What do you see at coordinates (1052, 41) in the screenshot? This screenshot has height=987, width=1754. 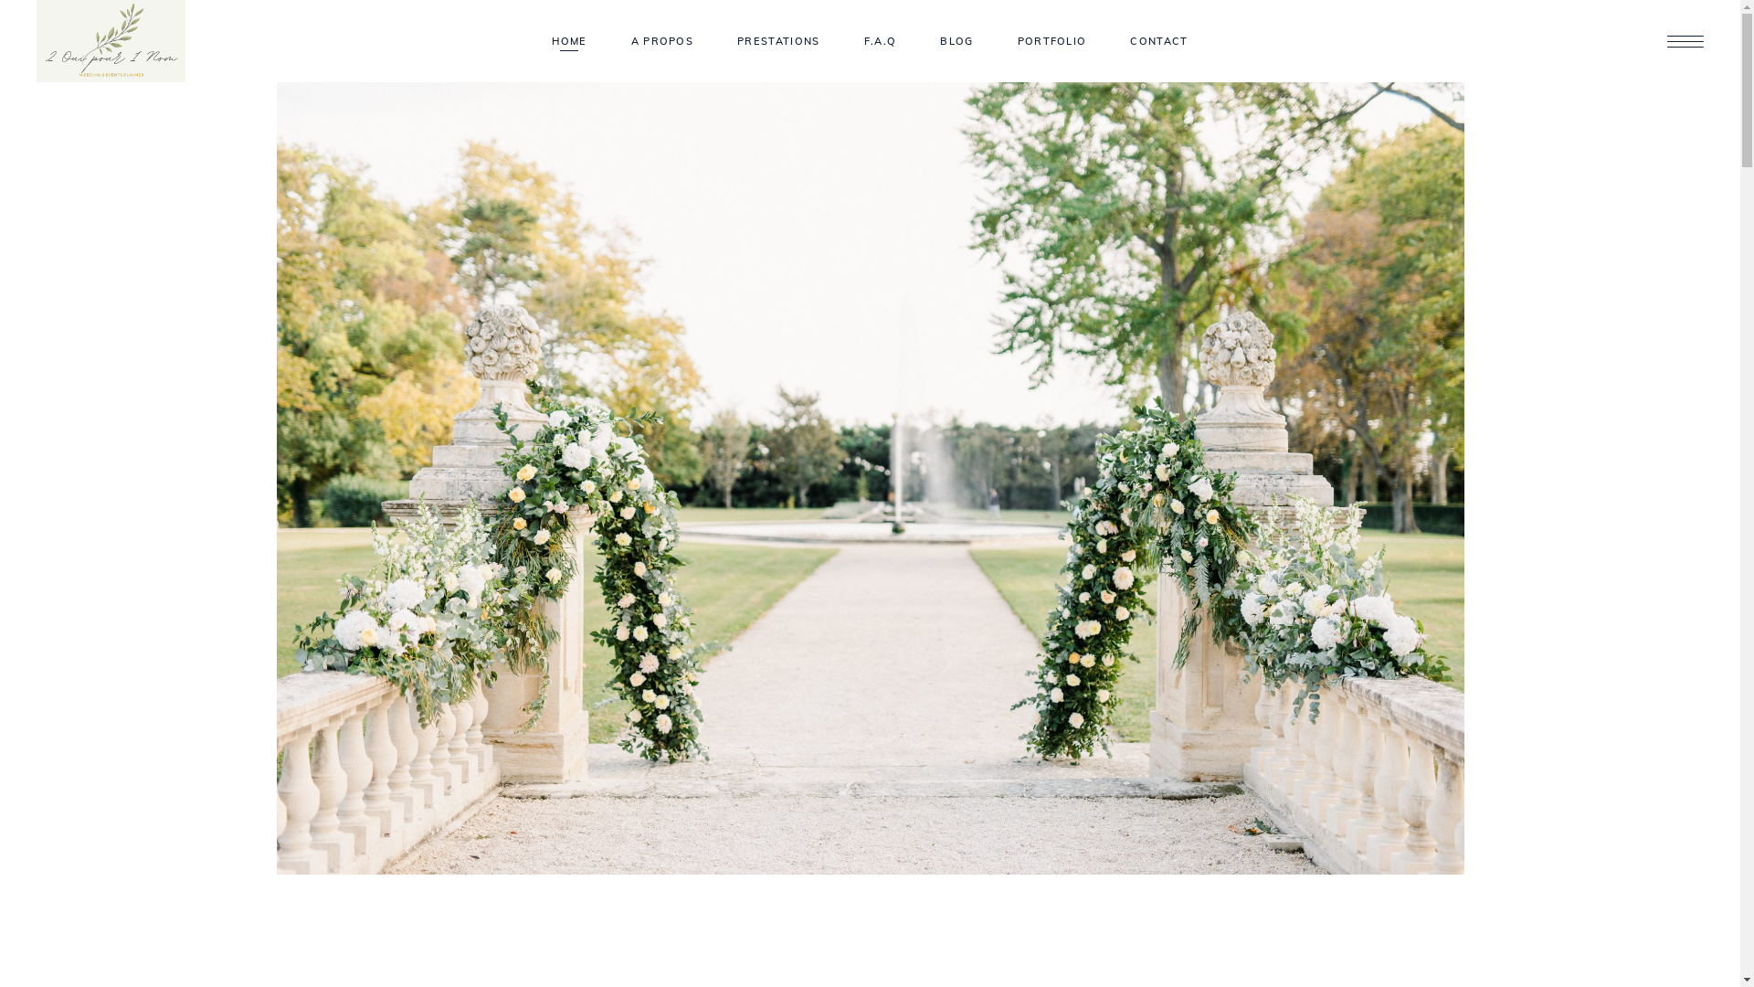 I see `'PORTFOLIO'` at bounding box center [1052, 41].